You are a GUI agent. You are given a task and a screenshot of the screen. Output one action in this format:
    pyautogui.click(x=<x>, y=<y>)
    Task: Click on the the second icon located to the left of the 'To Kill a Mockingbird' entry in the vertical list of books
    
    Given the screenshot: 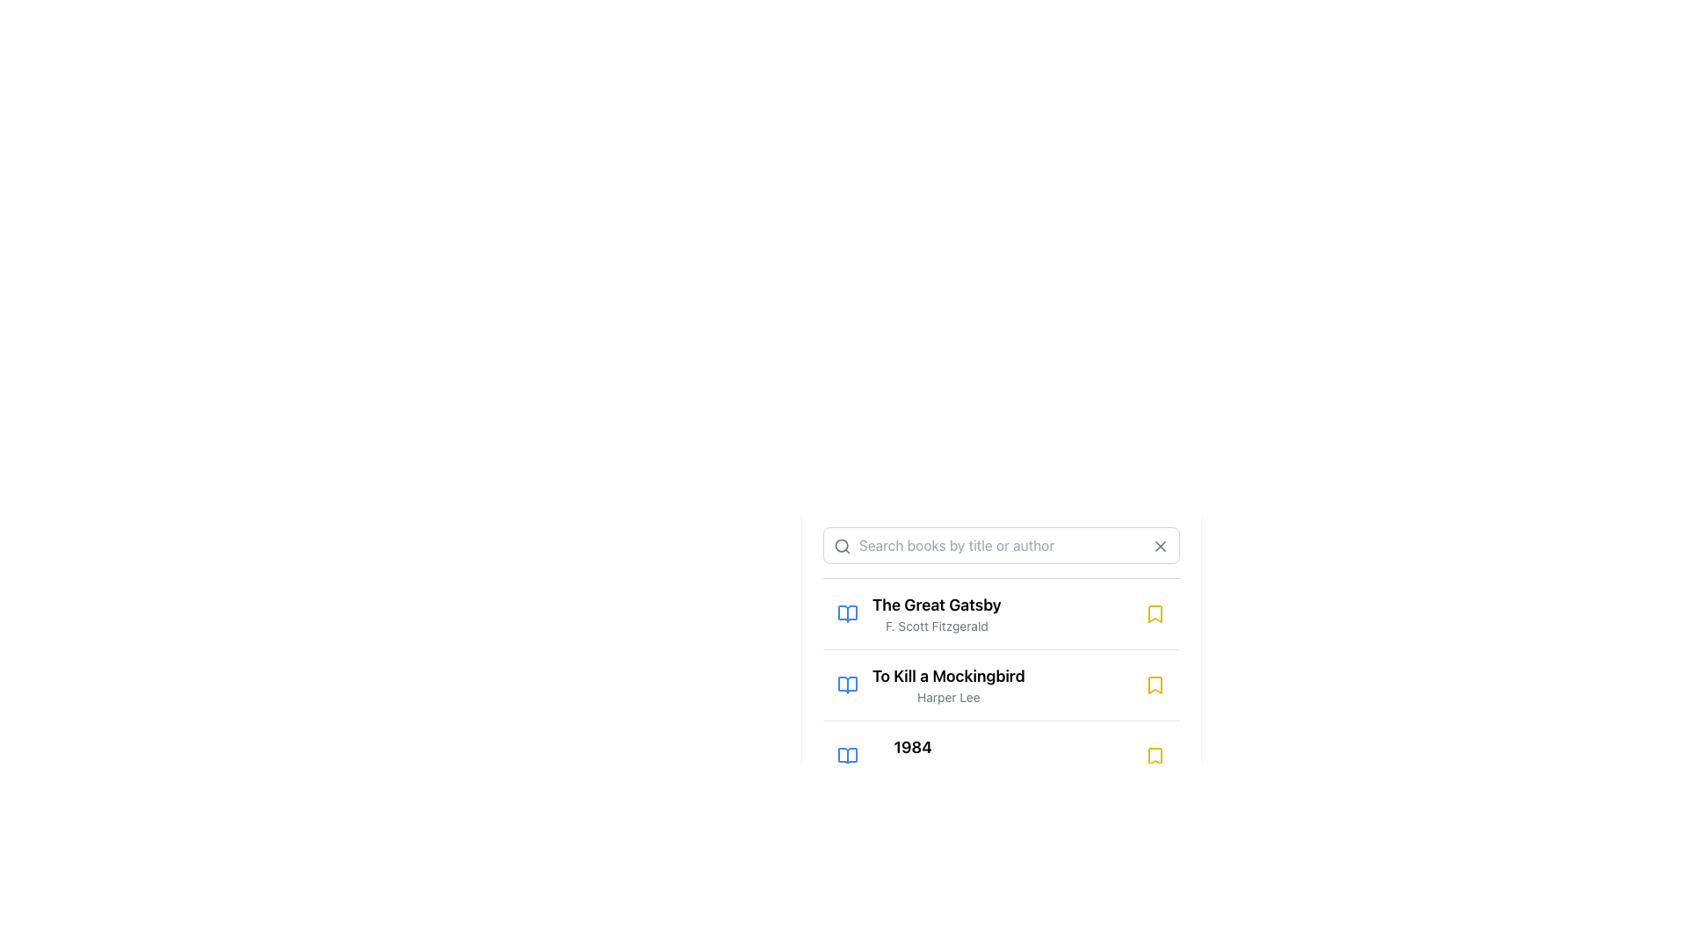 What is the action you would take?
    pyautogui.click(x=847, y=684)
    